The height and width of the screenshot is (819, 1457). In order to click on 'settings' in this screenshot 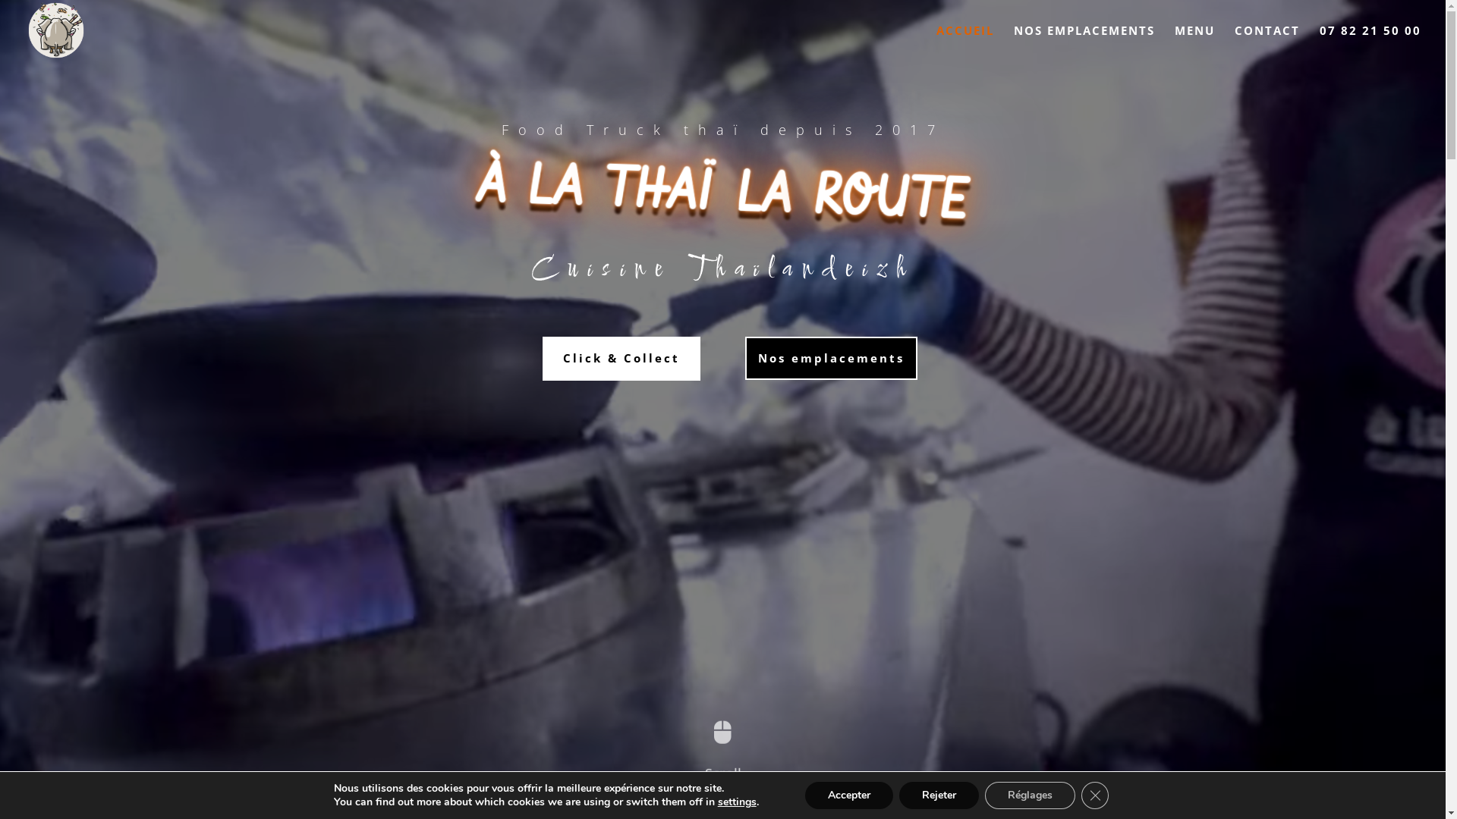, I will do `click(737, 801)`.